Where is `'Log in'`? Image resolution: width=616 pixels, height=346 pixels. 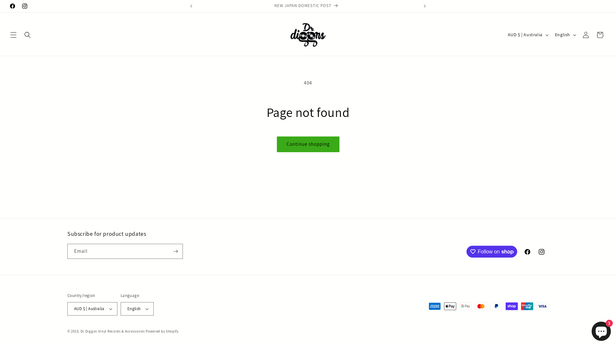
'Log in' is located at coordinates (586, 35).